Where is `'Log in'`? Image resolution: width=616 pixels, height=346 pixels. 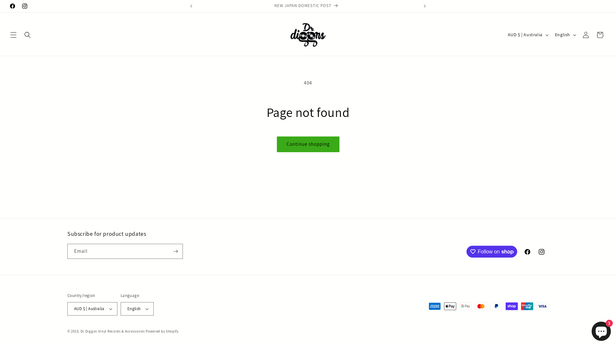
'Log in' is located at coordinates (586, 35).